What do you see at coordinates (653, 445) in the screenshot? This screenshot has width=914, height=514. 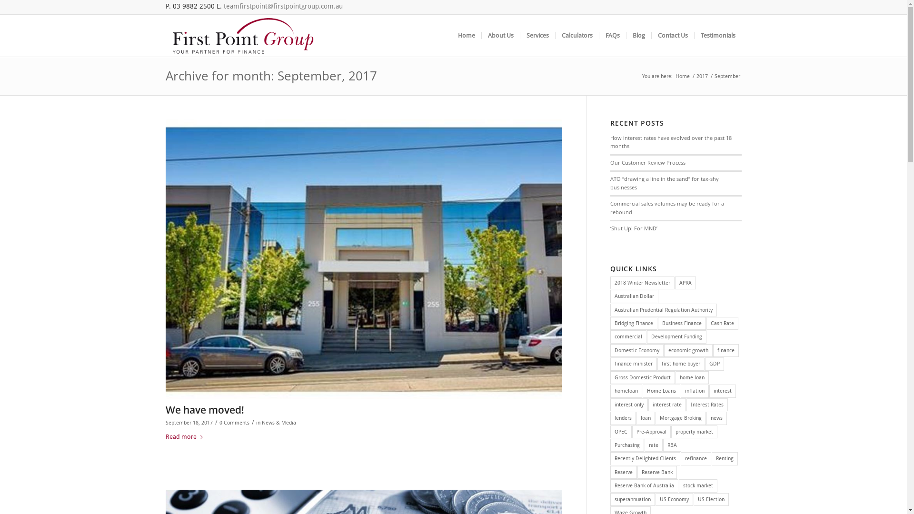 I see `'rate'` at bounding box center [653, 445].